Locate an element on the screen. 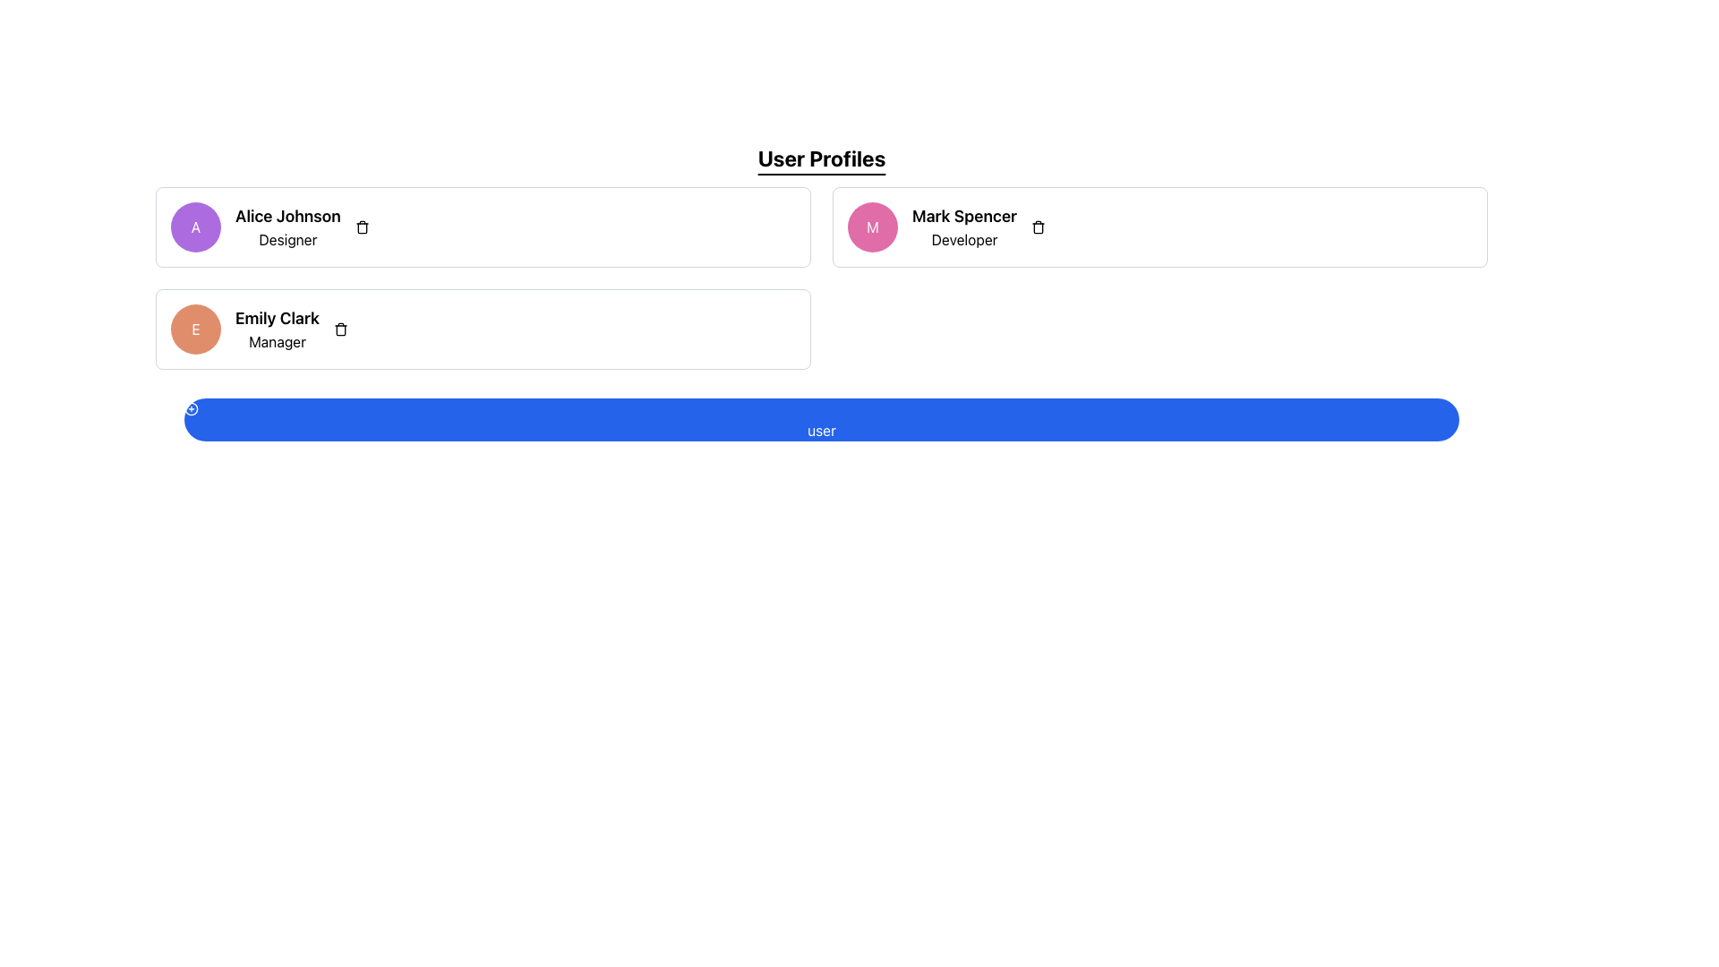 This screenshot has height=967, width=1719. the text label displaying 'Designer' located beneath the name 'Alice Johnson' in the first user profile card is located at coordinates (287, 238).